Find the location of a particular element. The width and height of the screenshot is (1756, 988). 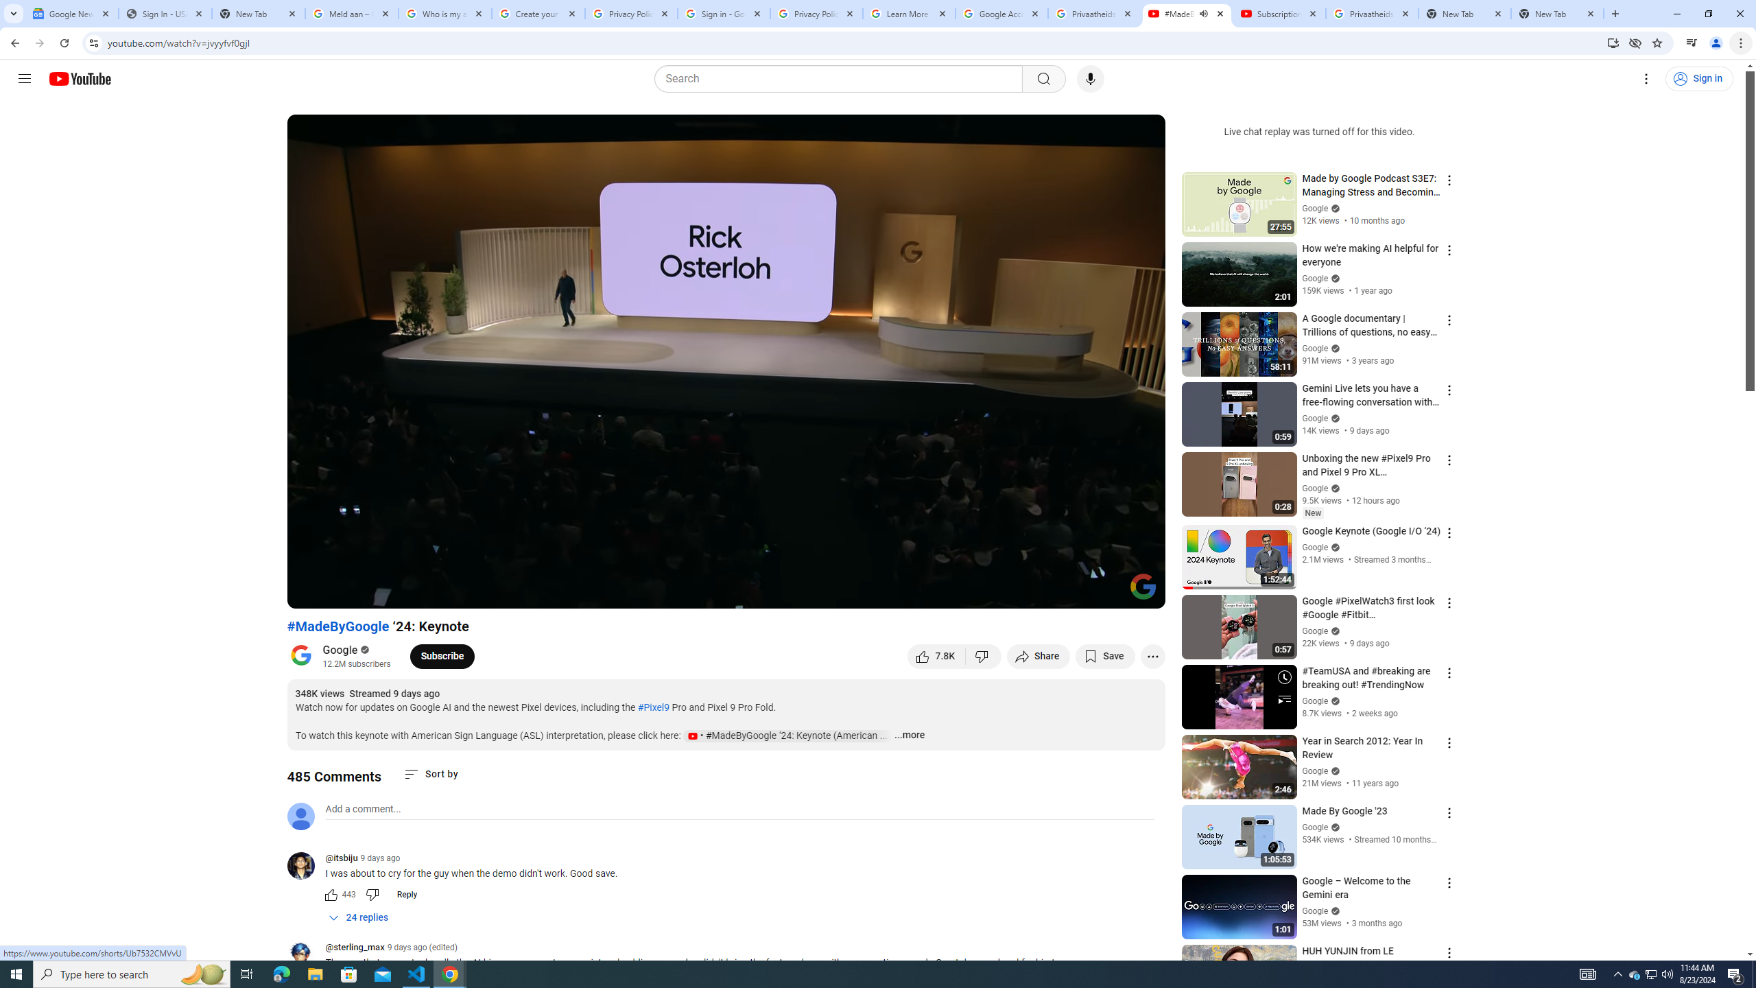

'#Pixel9' is located at coordinates (652, 707).